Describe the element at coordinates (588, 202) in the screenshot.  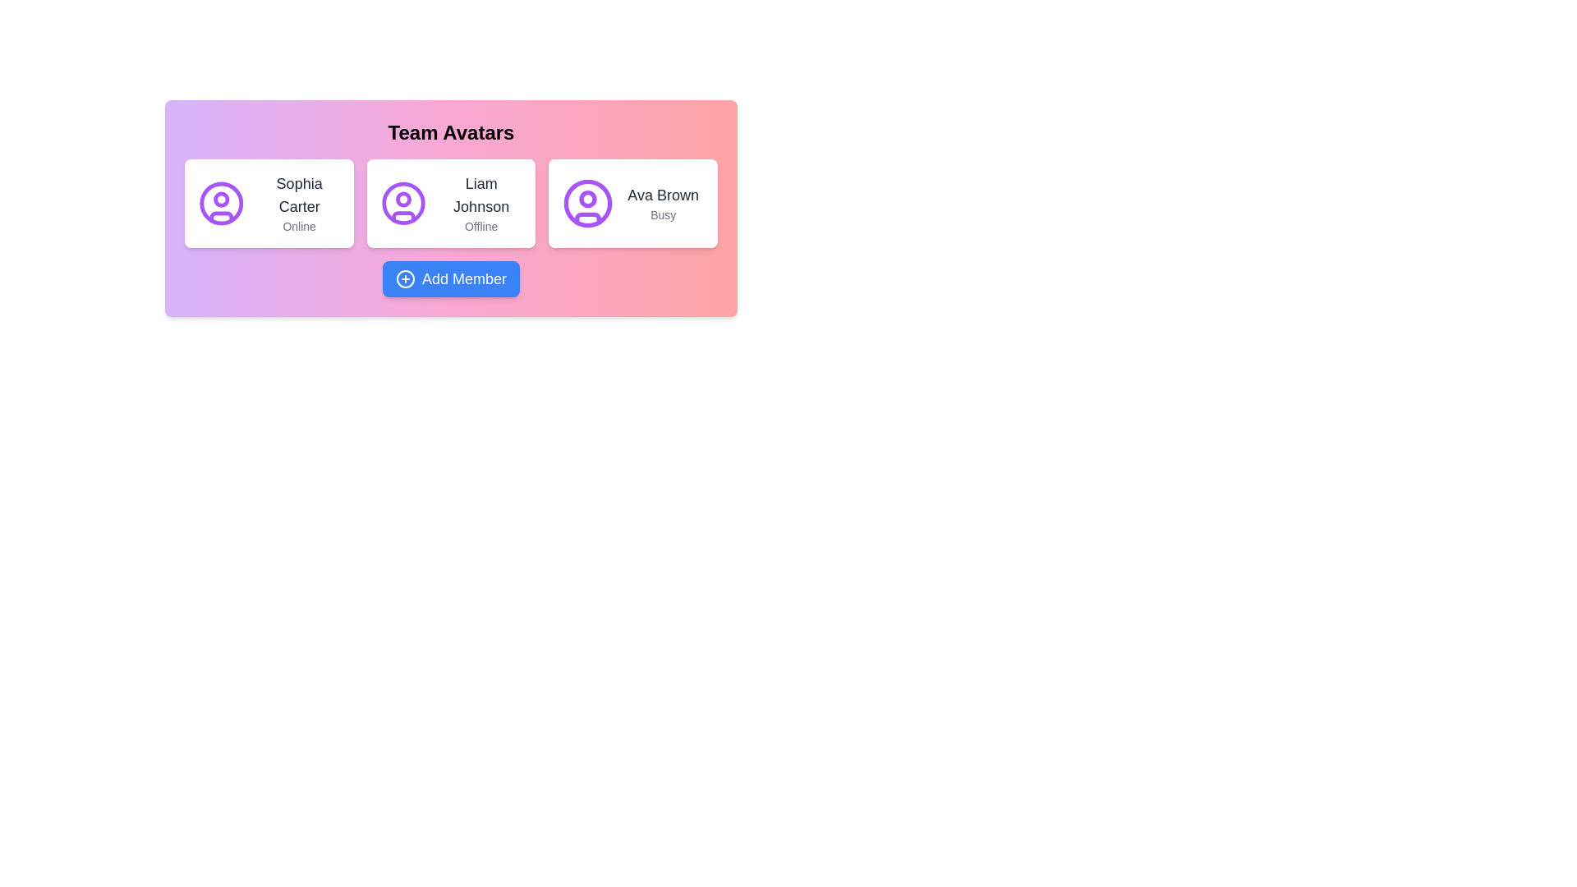
I see `the user profile image icon located at the left-most side of the card labeled 'Ava Brown Busy' in the third column` at that location.